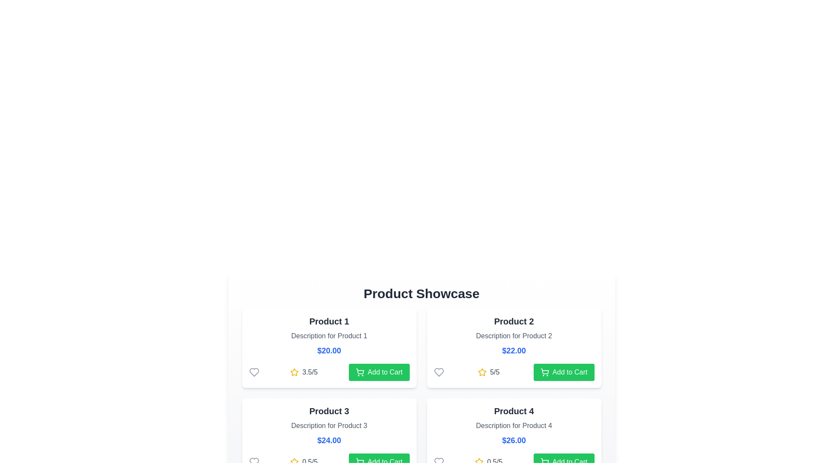 Image resolution: width=829 pixels, height=466 pixels. I want to click on the first button located at the bottom-right corner of the card displaying details for 'Product 1', so click(379, 372).